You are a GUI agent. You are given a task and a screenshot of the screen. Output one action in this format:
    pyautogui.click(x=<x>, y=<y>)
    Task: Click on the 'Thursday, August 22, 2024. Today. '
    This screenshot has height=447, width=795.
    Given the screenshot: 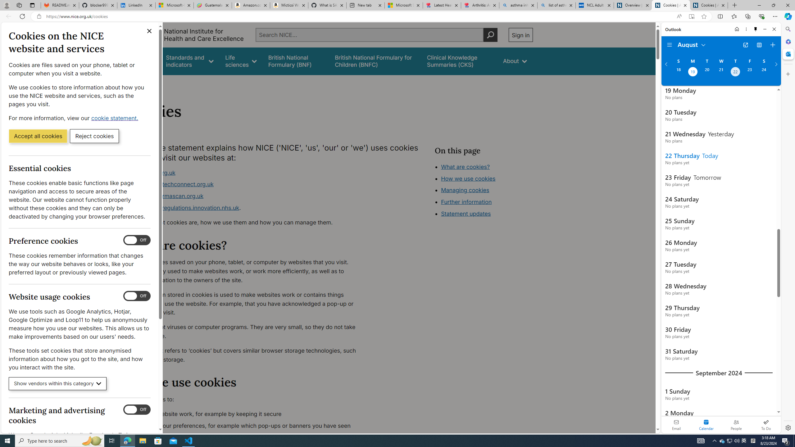 What is the action you would take?
    pyautogui.click(x=735, y=72)
    